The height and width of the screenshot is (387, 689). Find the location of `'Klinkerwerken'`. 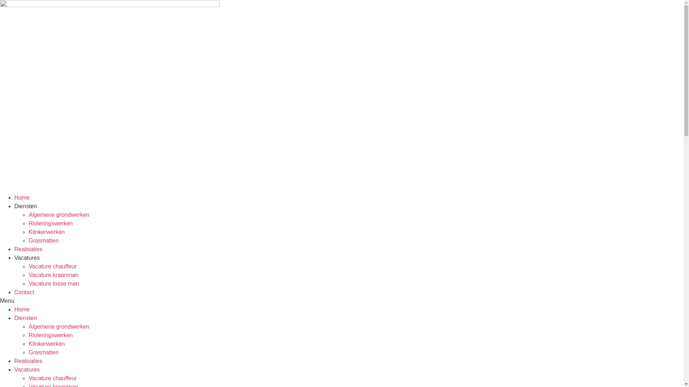

'Klinkerwerken' is located at coordinates (46, 232).